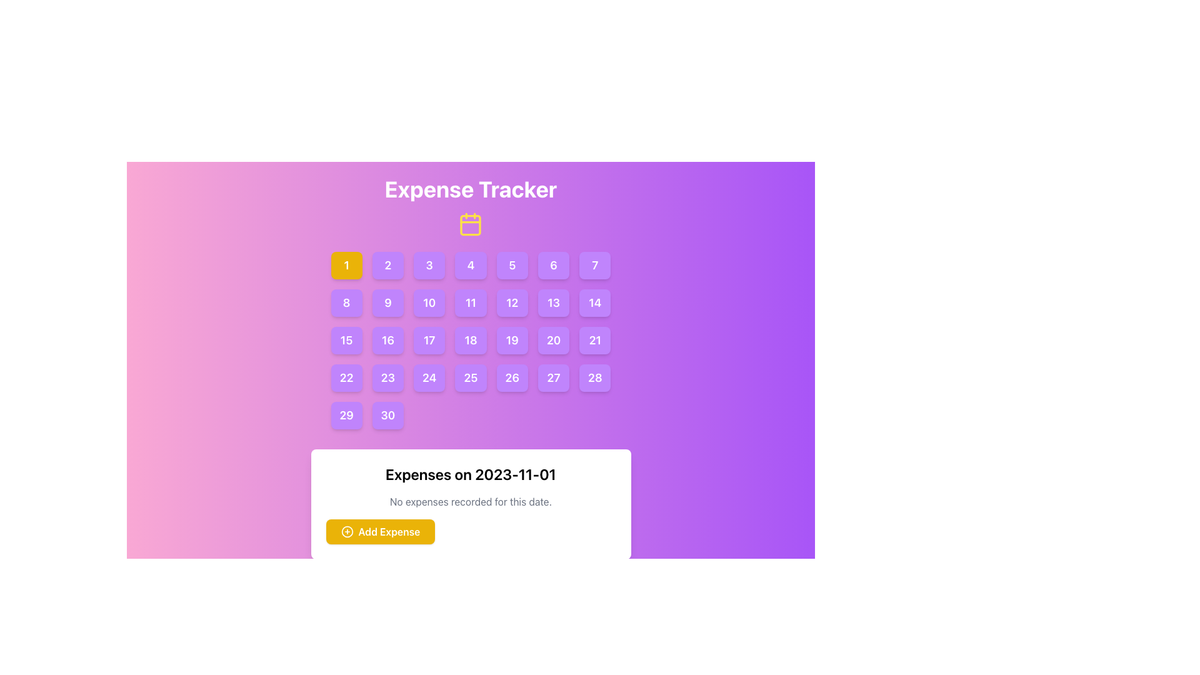 This screenshot has width=1200, height=675. Describe the element at coordinates (512, 377) in the screenshot. I see `the button representing the 26th date, located in the last row of a 7-column grid layout as the fifth cell` at that location.